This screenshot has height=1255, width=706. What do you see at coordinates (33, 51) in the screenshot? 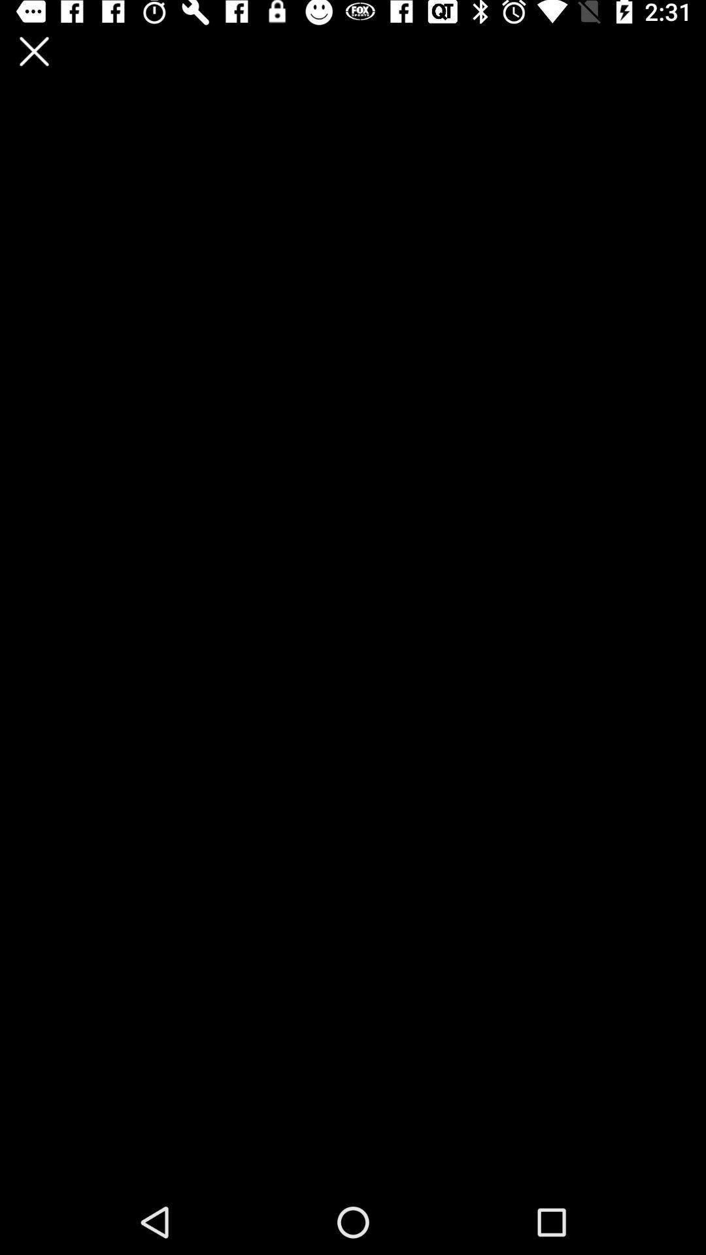
I see `the close icon` at bounding box center [33, 51].